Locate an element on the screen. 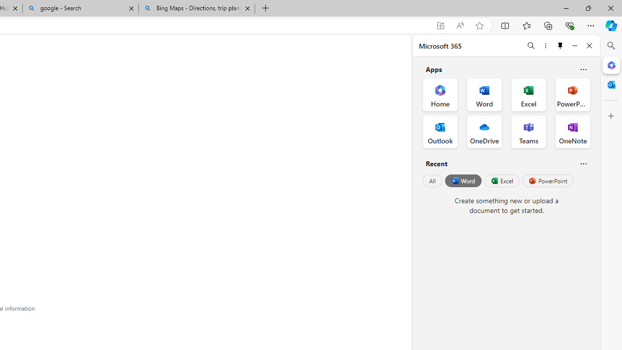 The height and width of the screenshot is (350, 622). 'Unpin side pane' is located at coordinates (560, 45).